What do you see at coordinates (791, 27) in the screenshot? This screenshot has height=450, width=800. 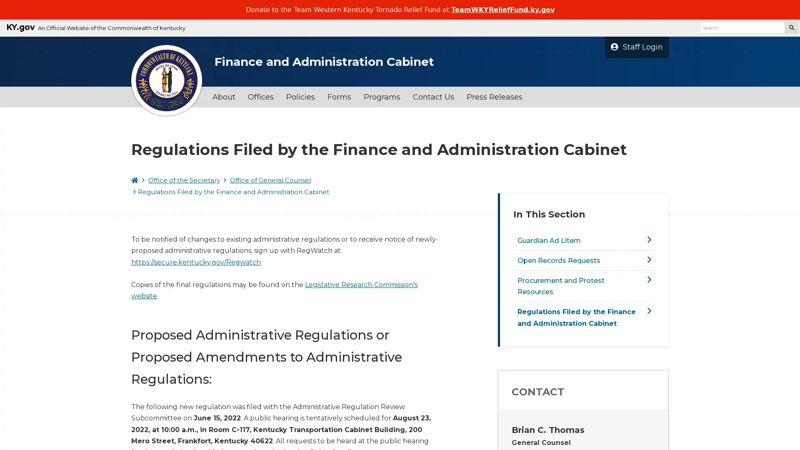 I see `Search` at bounding box center [791, 27].